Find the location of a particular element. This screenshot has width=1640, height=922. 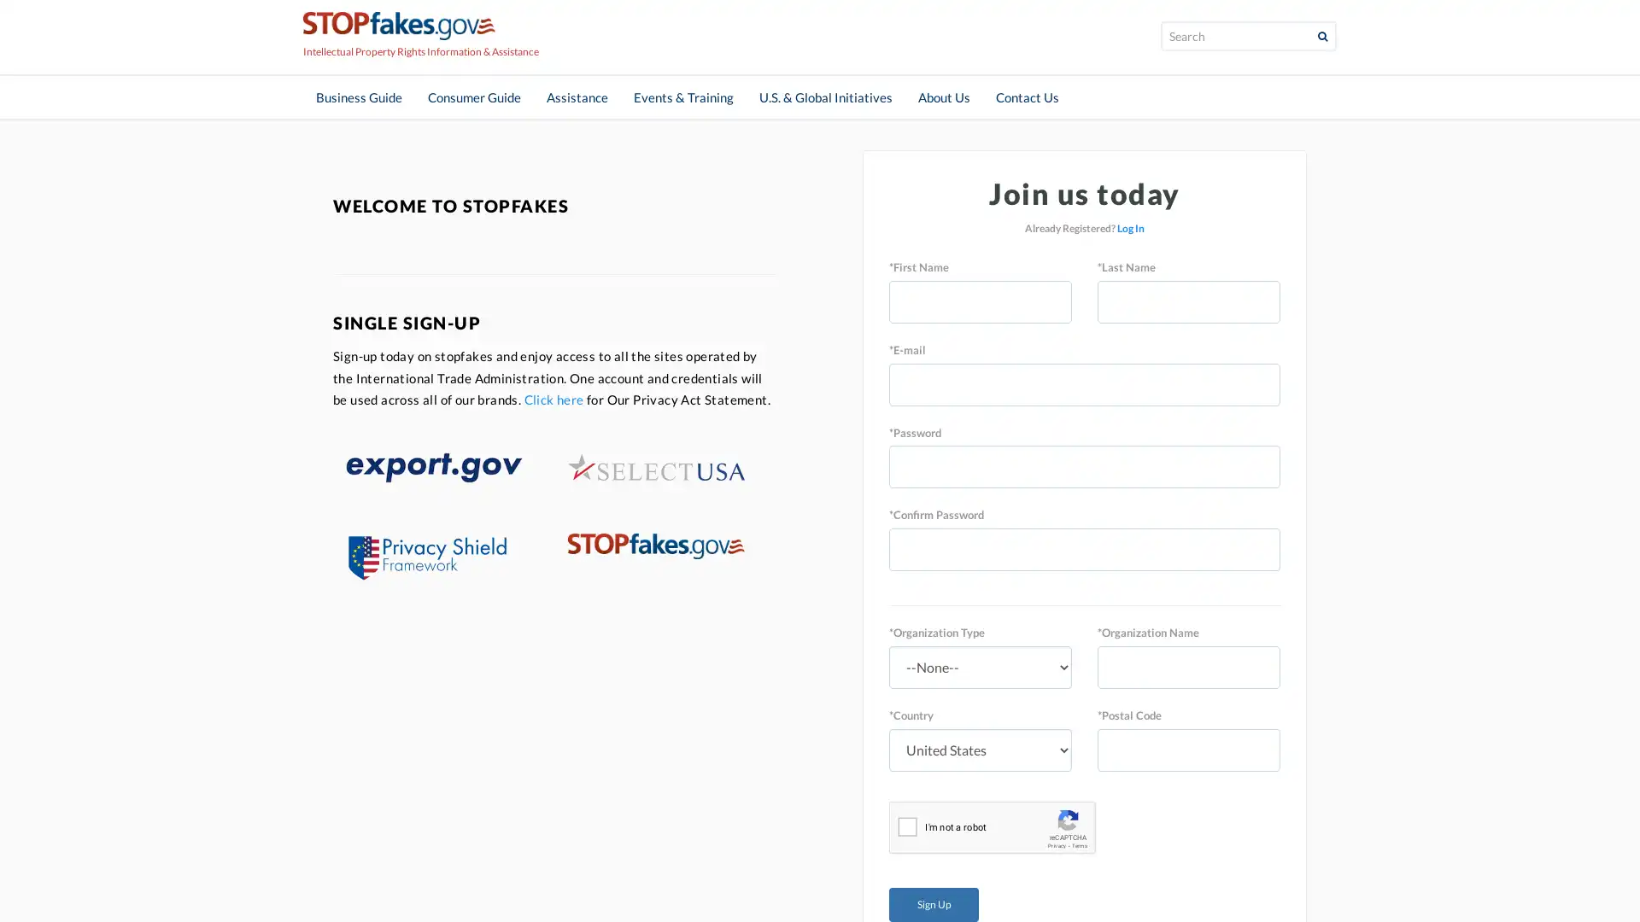

Sign Up is located at coordinates (933, 903).